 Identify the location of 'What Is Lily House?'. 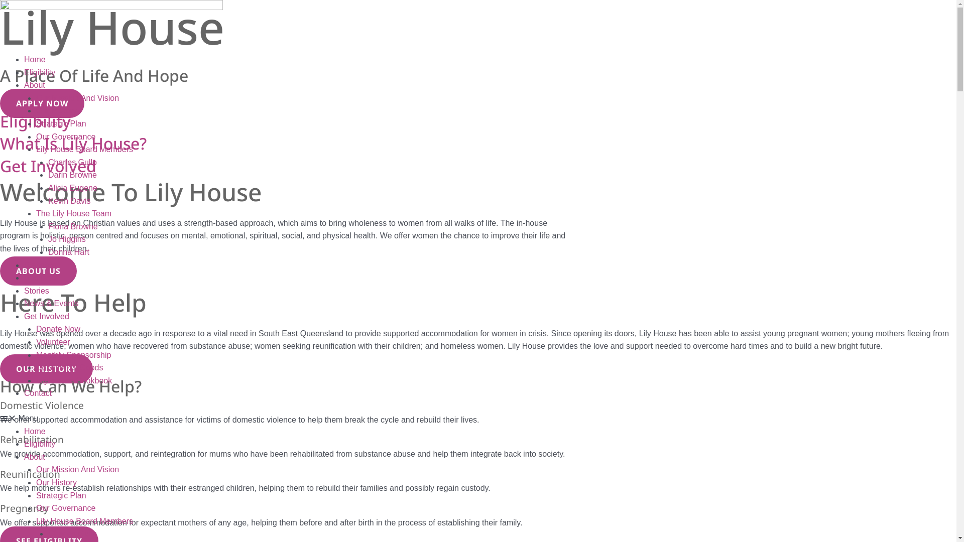
(72, 143).